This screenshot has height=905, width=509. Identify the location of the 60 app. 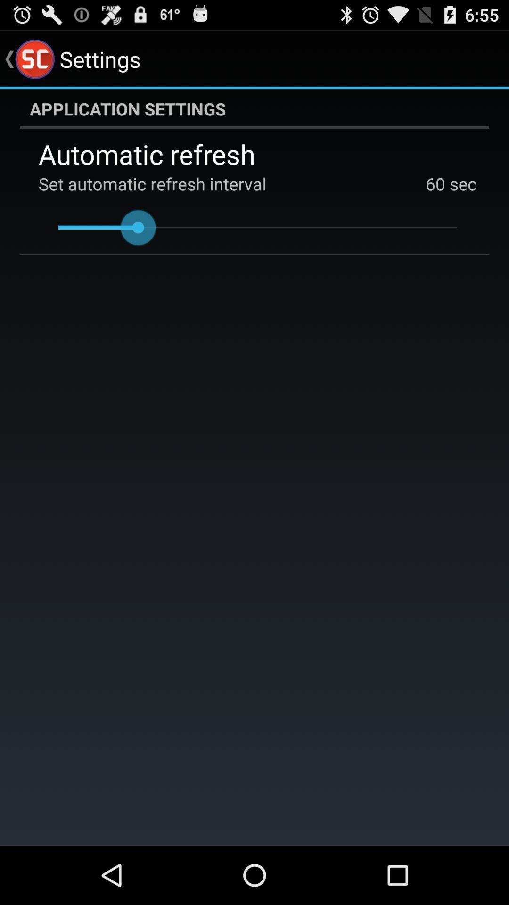
(435, 183).